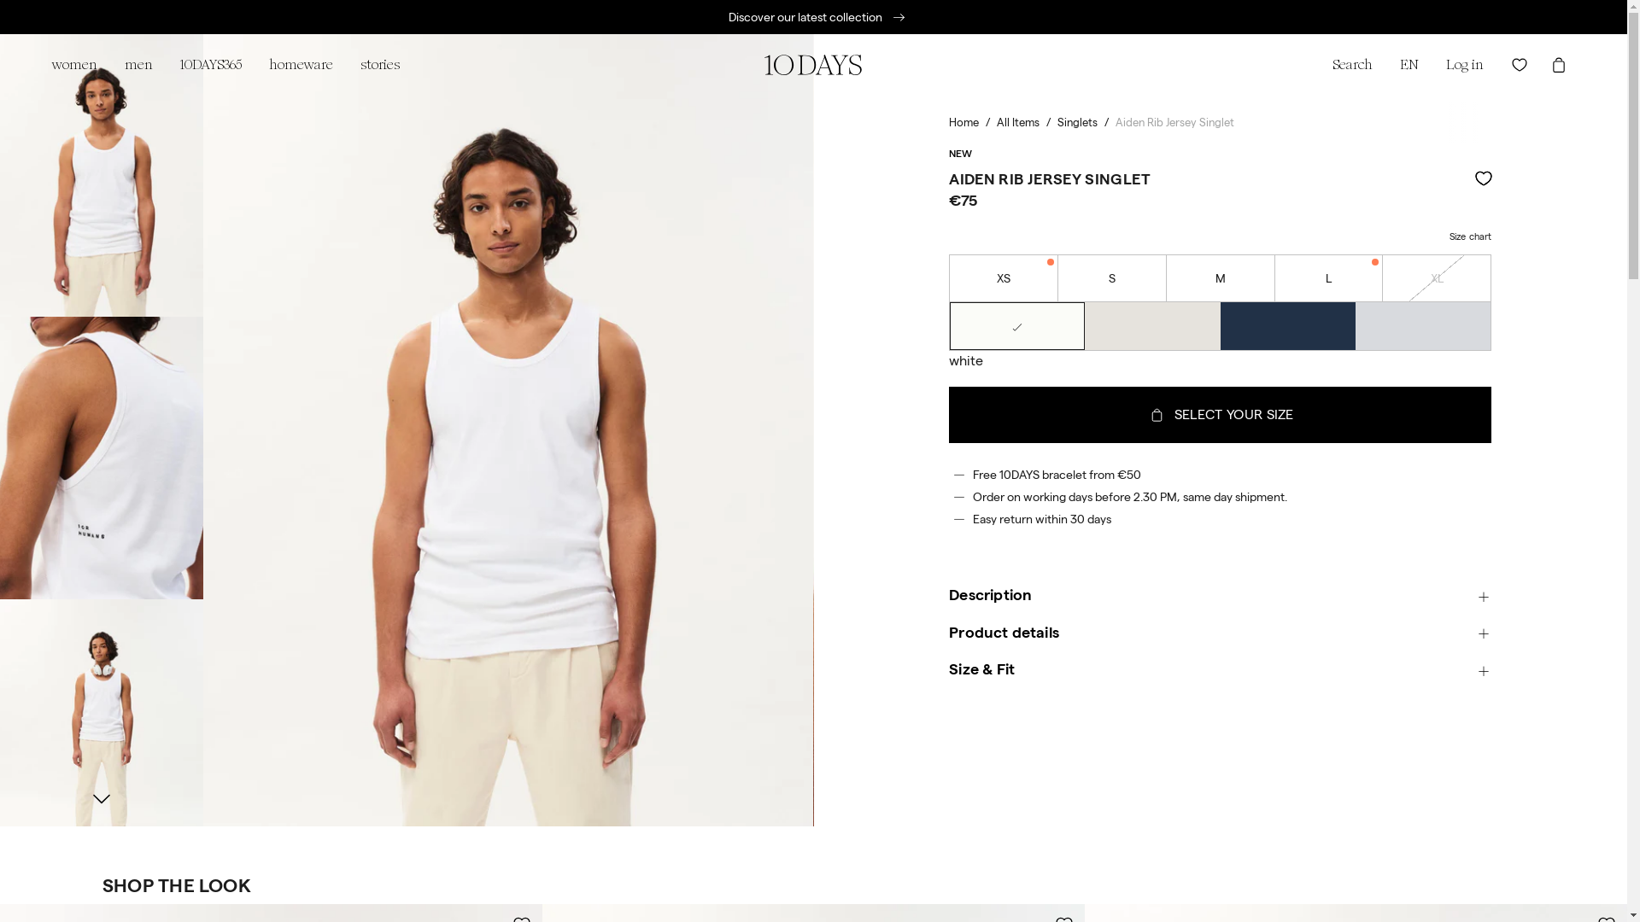 This screenshot has height=922, width=1640. I want to click on 'homeware', so click(301, 64).